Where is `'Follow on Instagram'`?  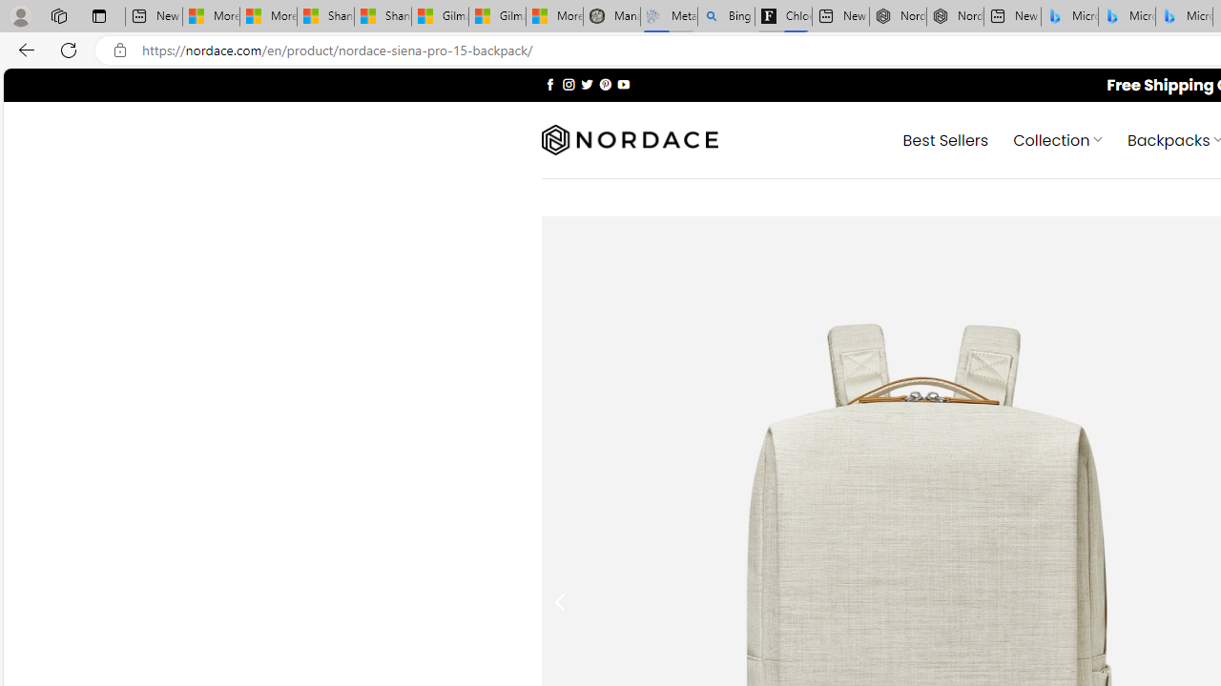
'Follow on Instagram' is located at coordinates (568, 83).